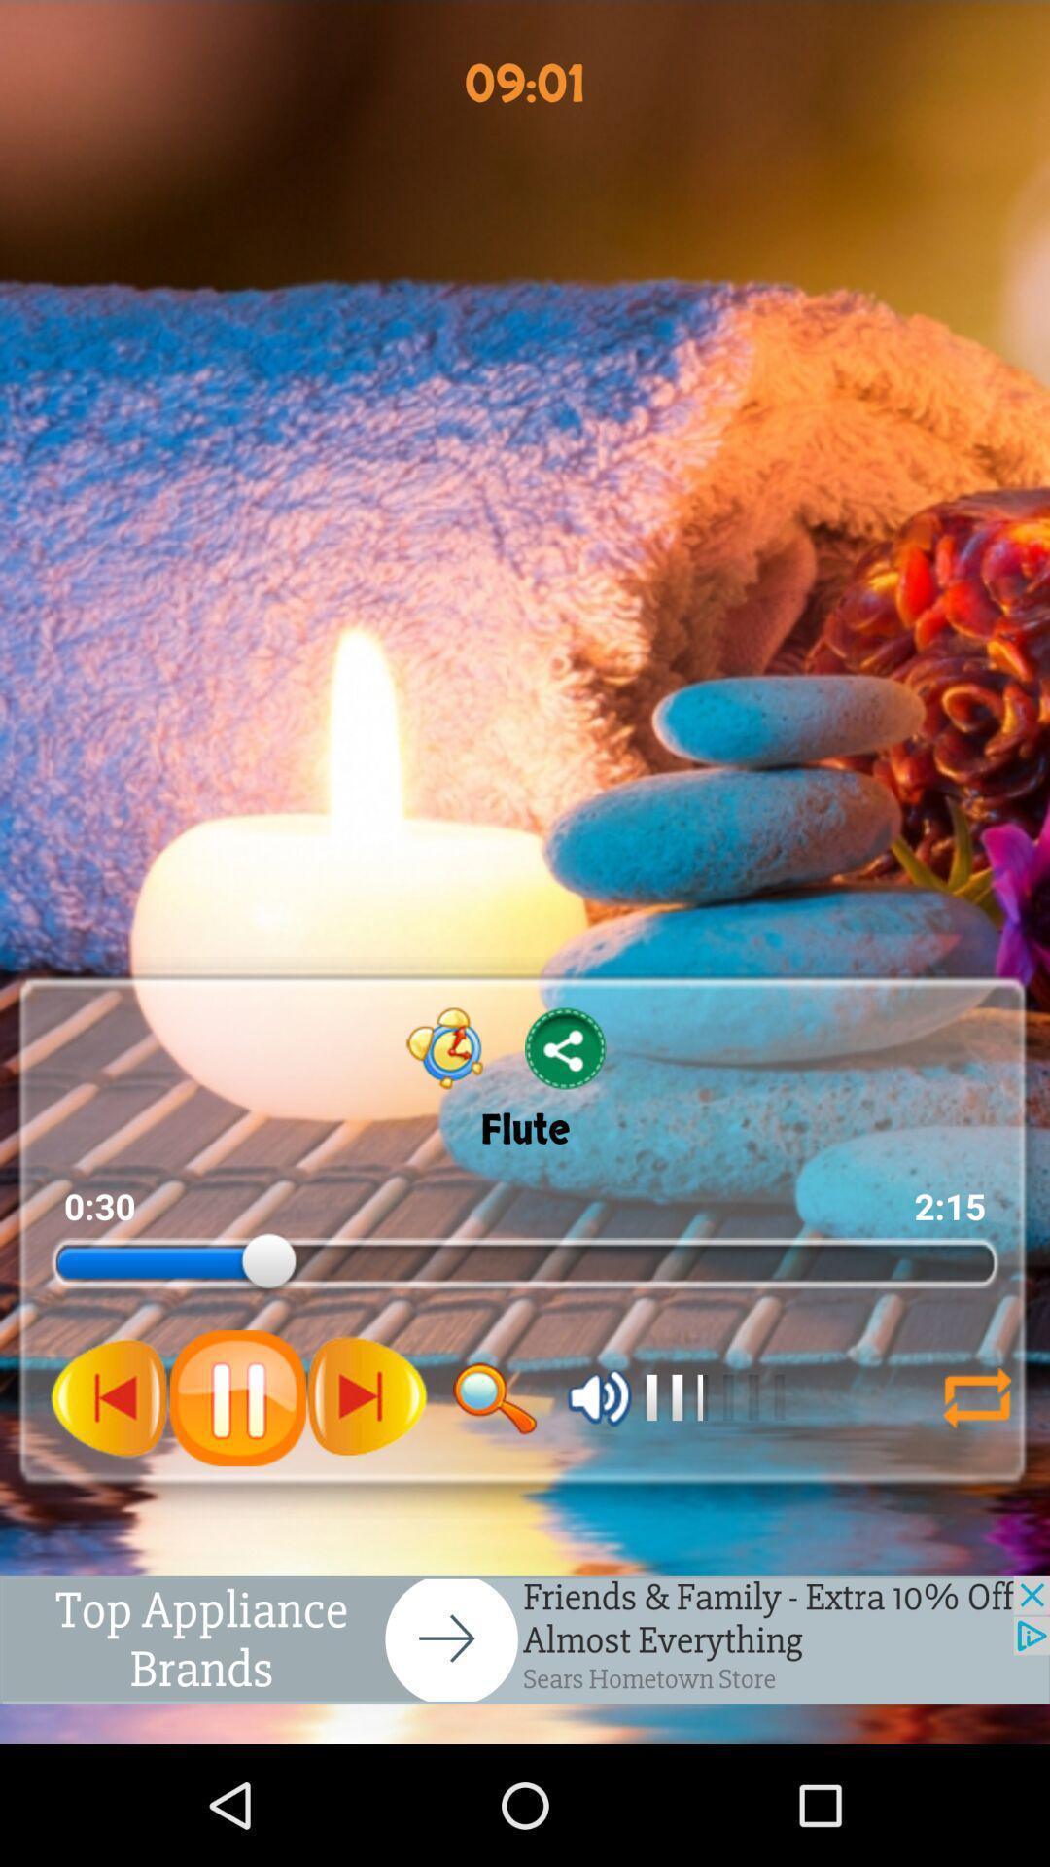  What do you see at coordinates (599, 1396) in the screenshot?
I see `sound option` at bounding box center [599, 1396].